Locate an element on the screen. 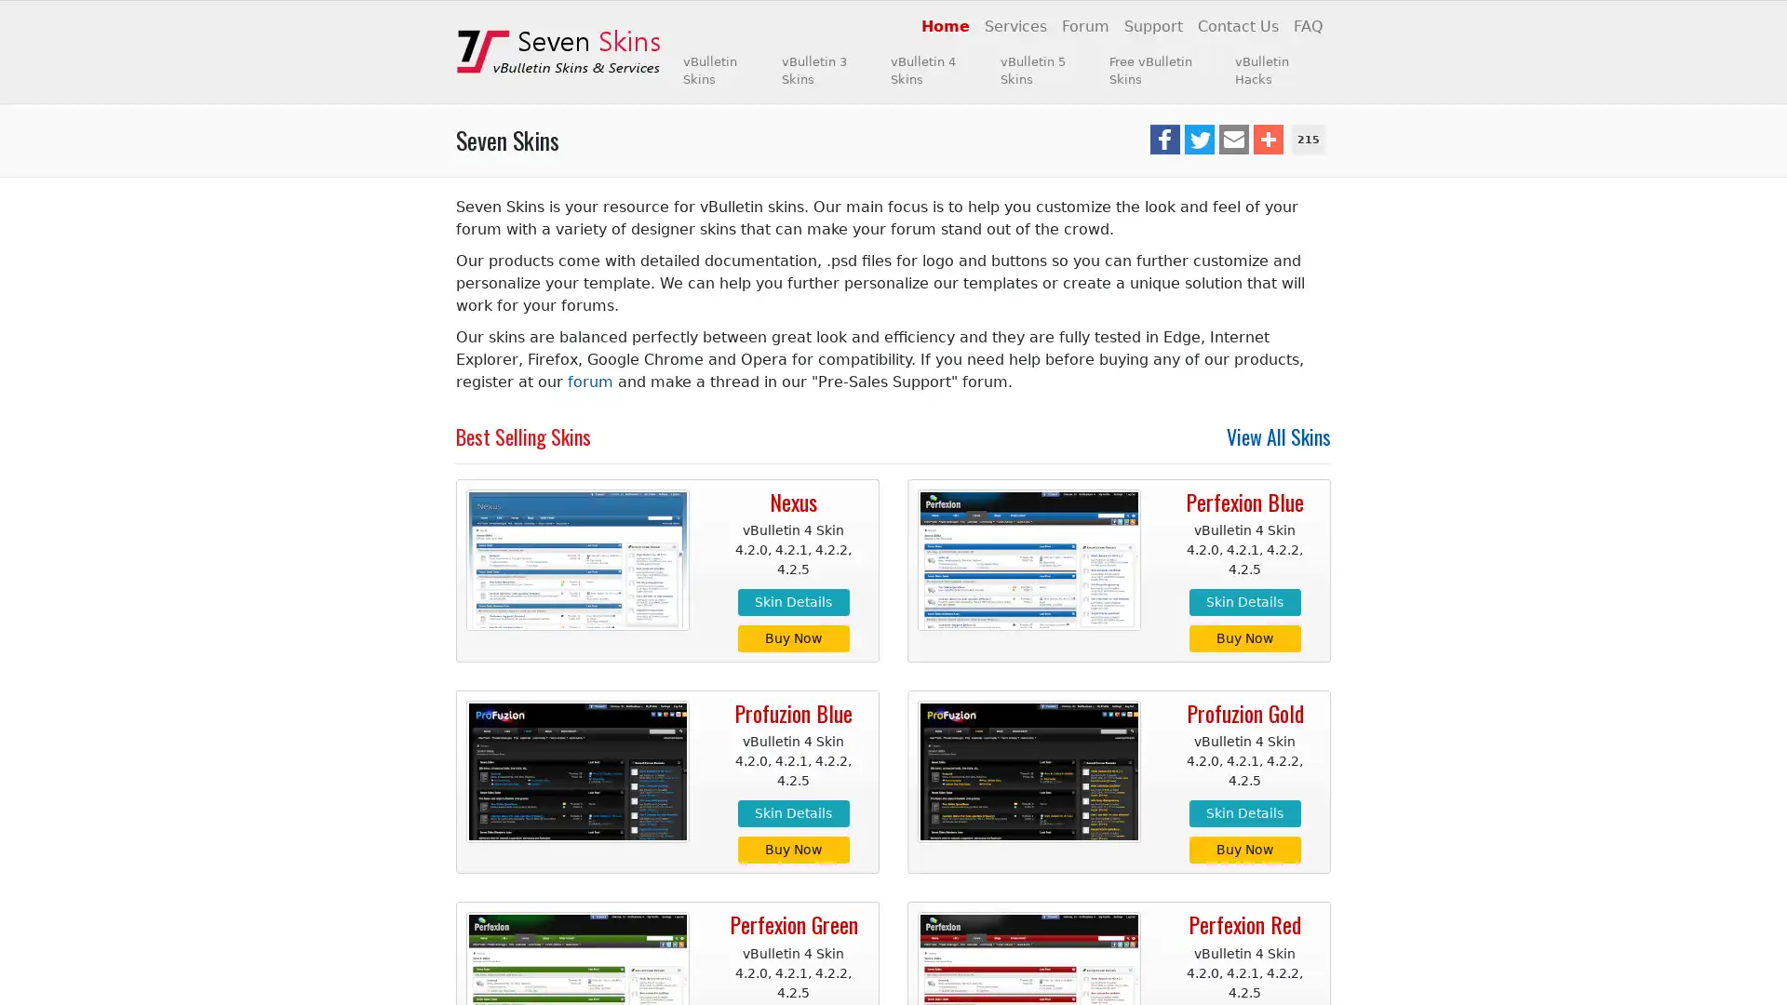 This screenshot has height=1005, width=1787. Buy Now is located at coordinates (1244, 850).